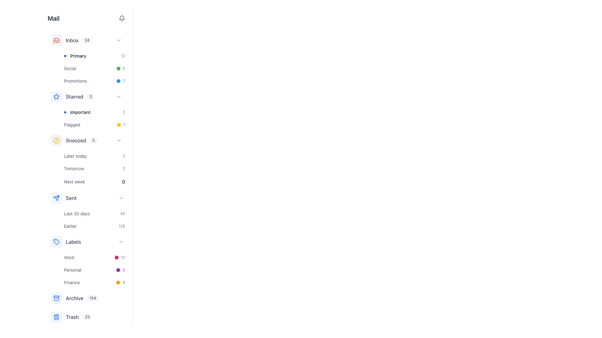  What do you see at coordinates (94, 69) in the screenshot?
I see `the 'Social' list item, which features a green circular indicator and the number '5'` at bounding box center [94, 69].